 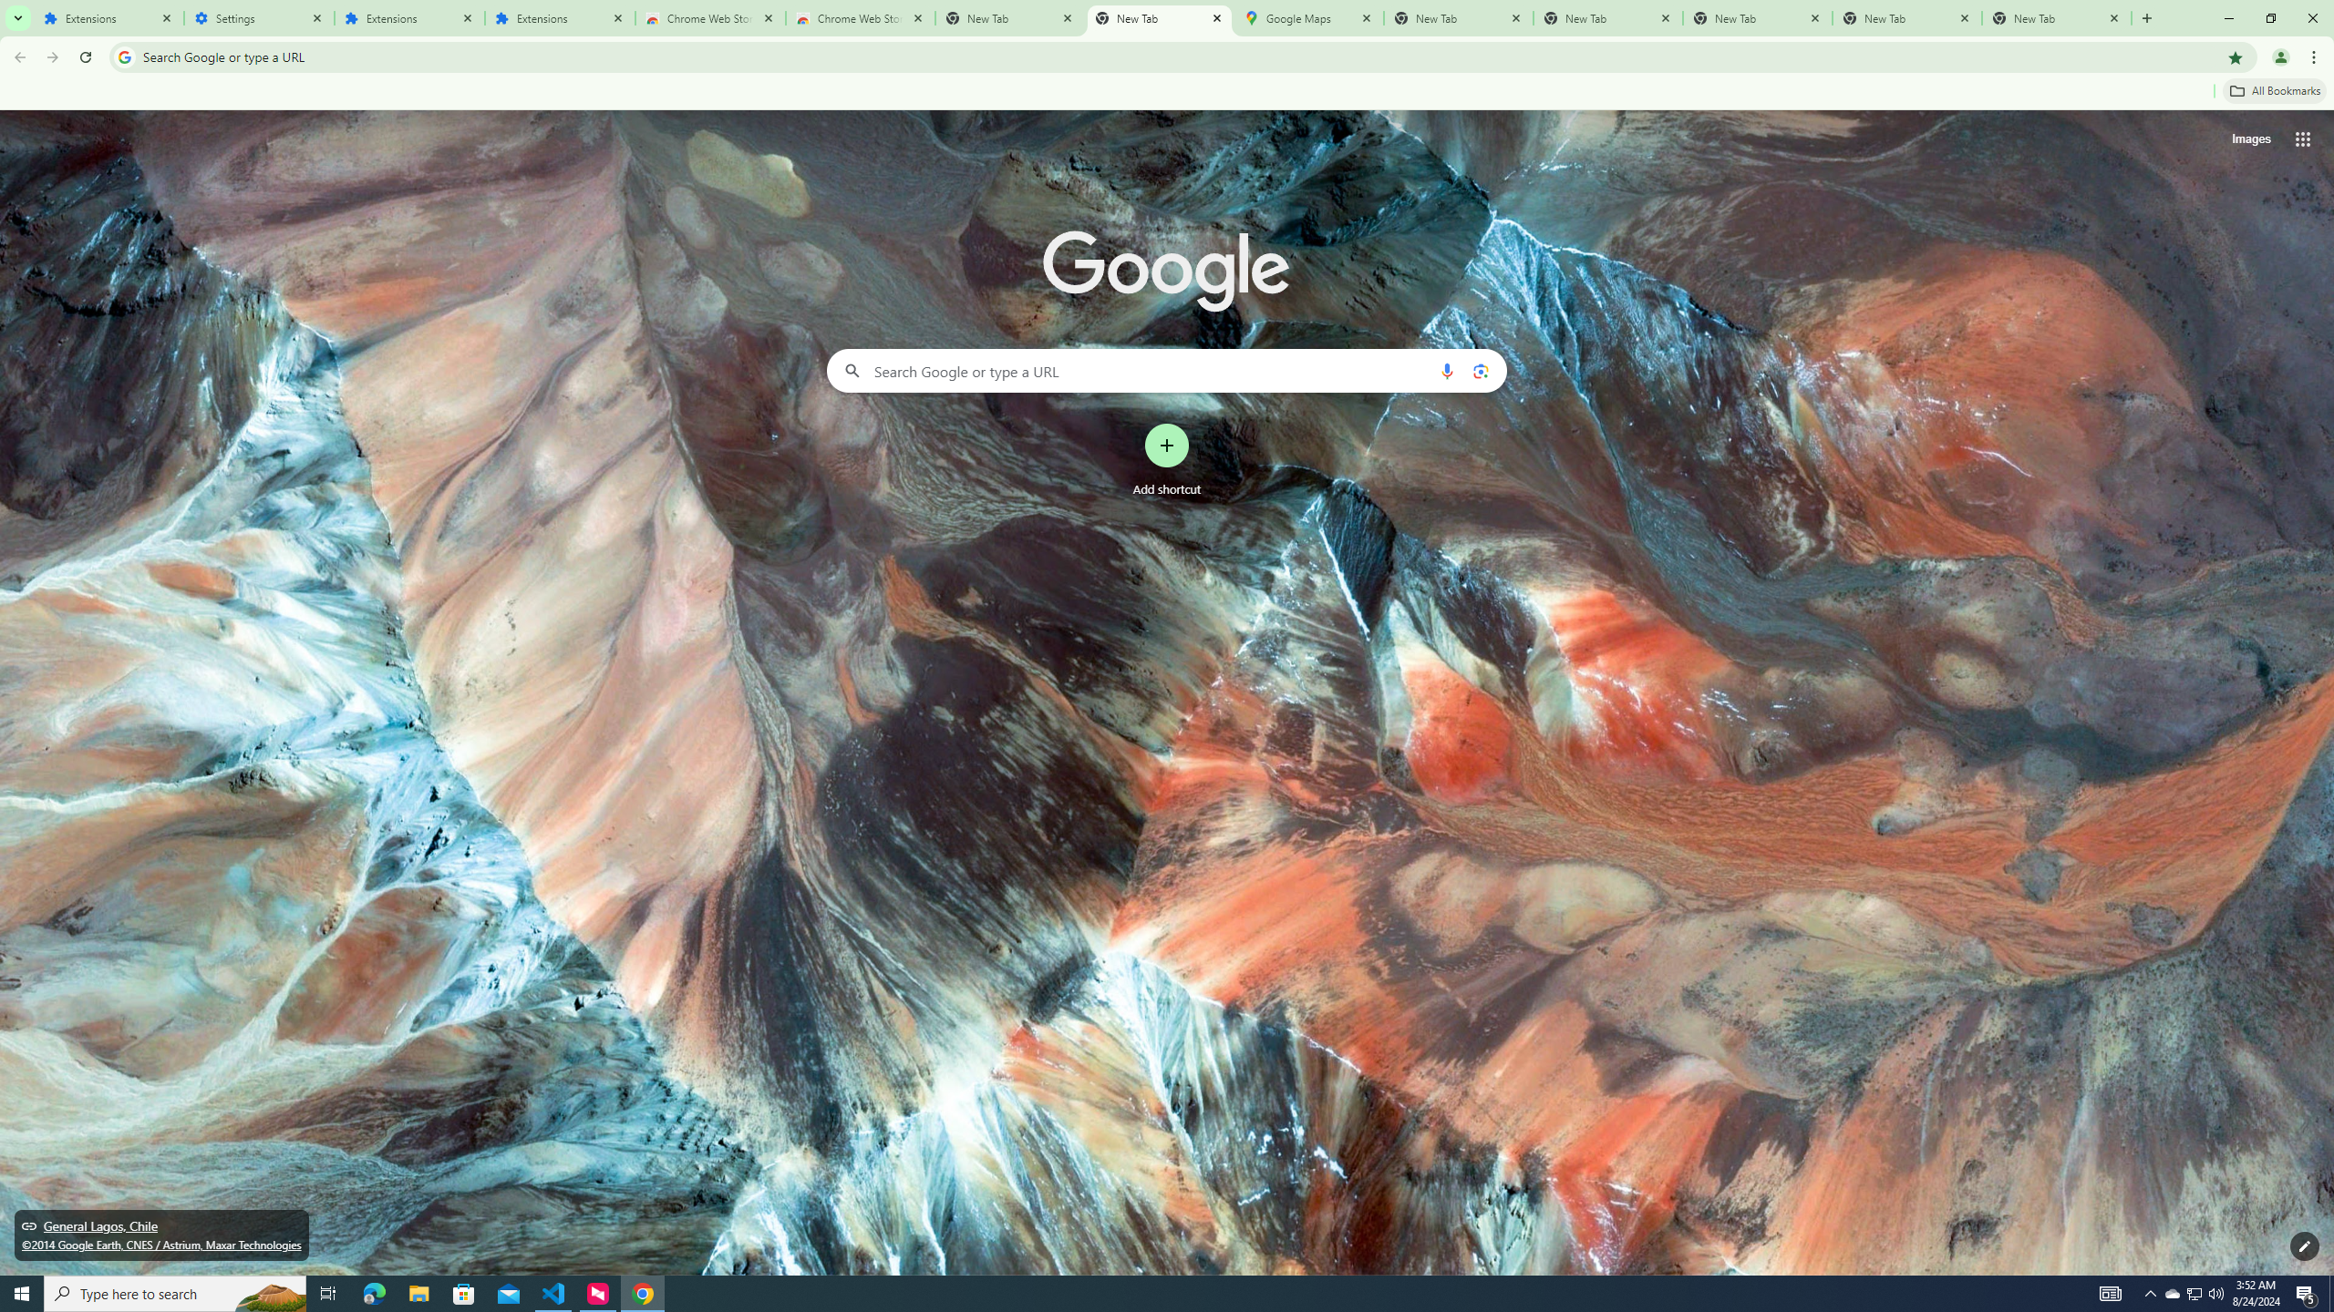 I want to click on 'Google Maps', so click(x=1307, y=17).